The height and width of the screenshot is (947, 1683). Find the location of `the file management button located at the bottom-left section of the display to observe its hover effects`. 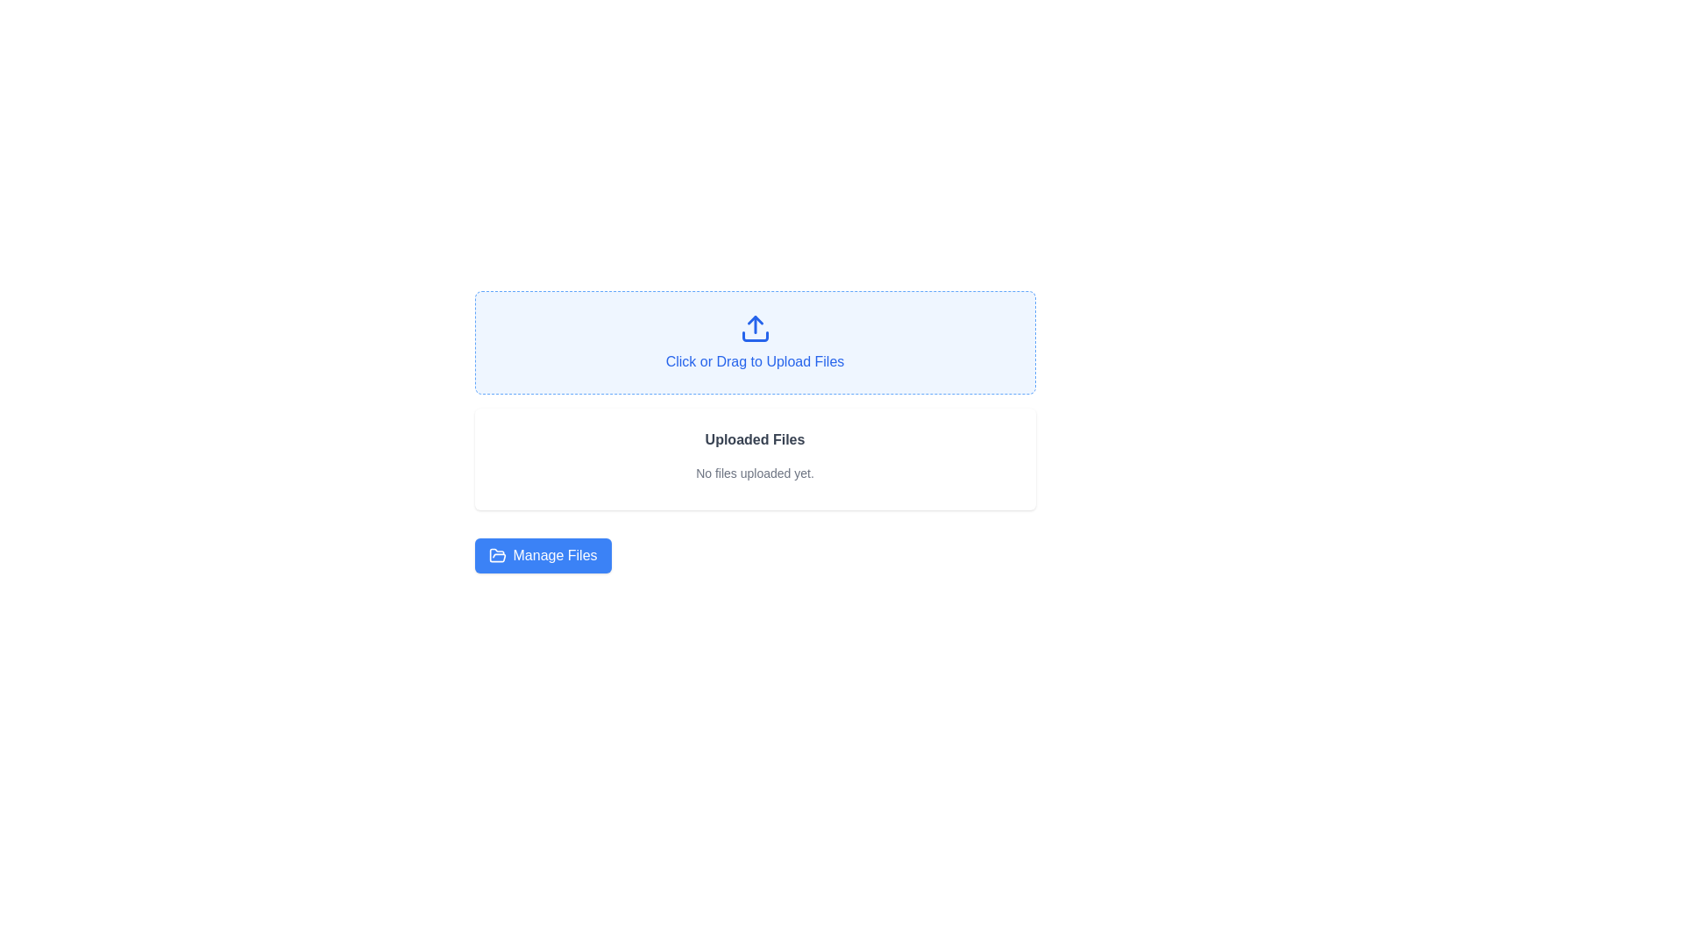

the file management button located at the bottom-left section of the display to observe its hover effects is located at coordinates (542, 555).